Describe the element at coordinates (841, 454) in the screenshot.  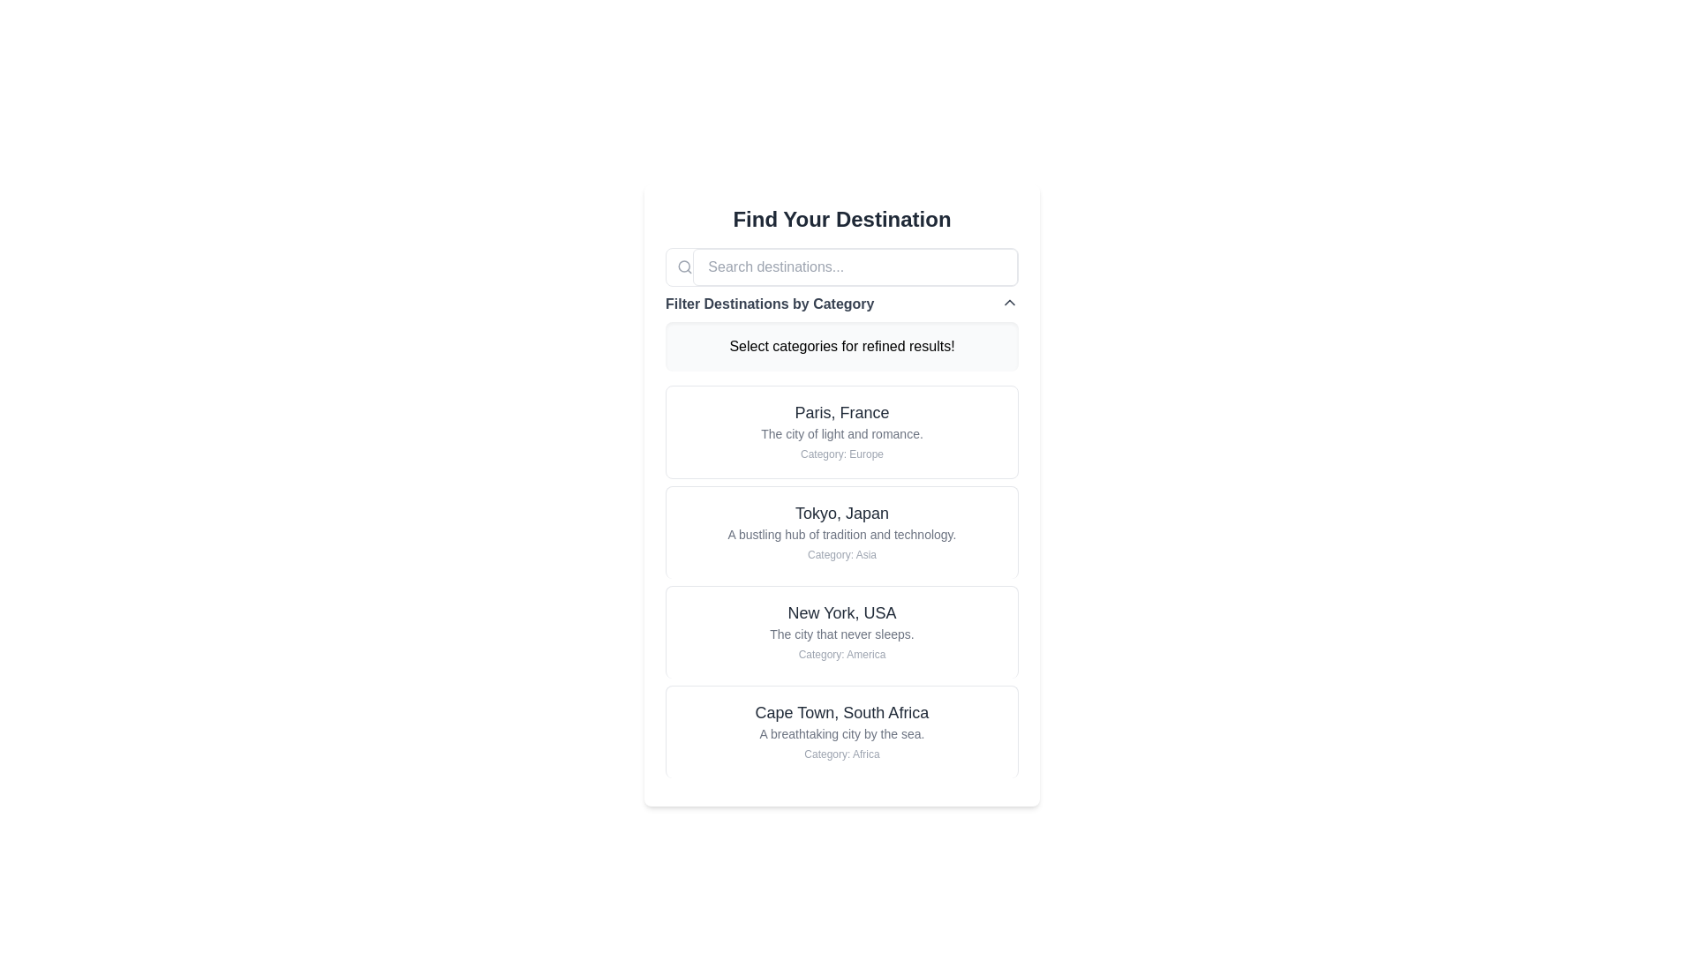
I see `the text label displaying 'Category: Europe', which is styled in a smaller gray font and located beneath the description text in the selection option for 'Paris, France'` at that location.